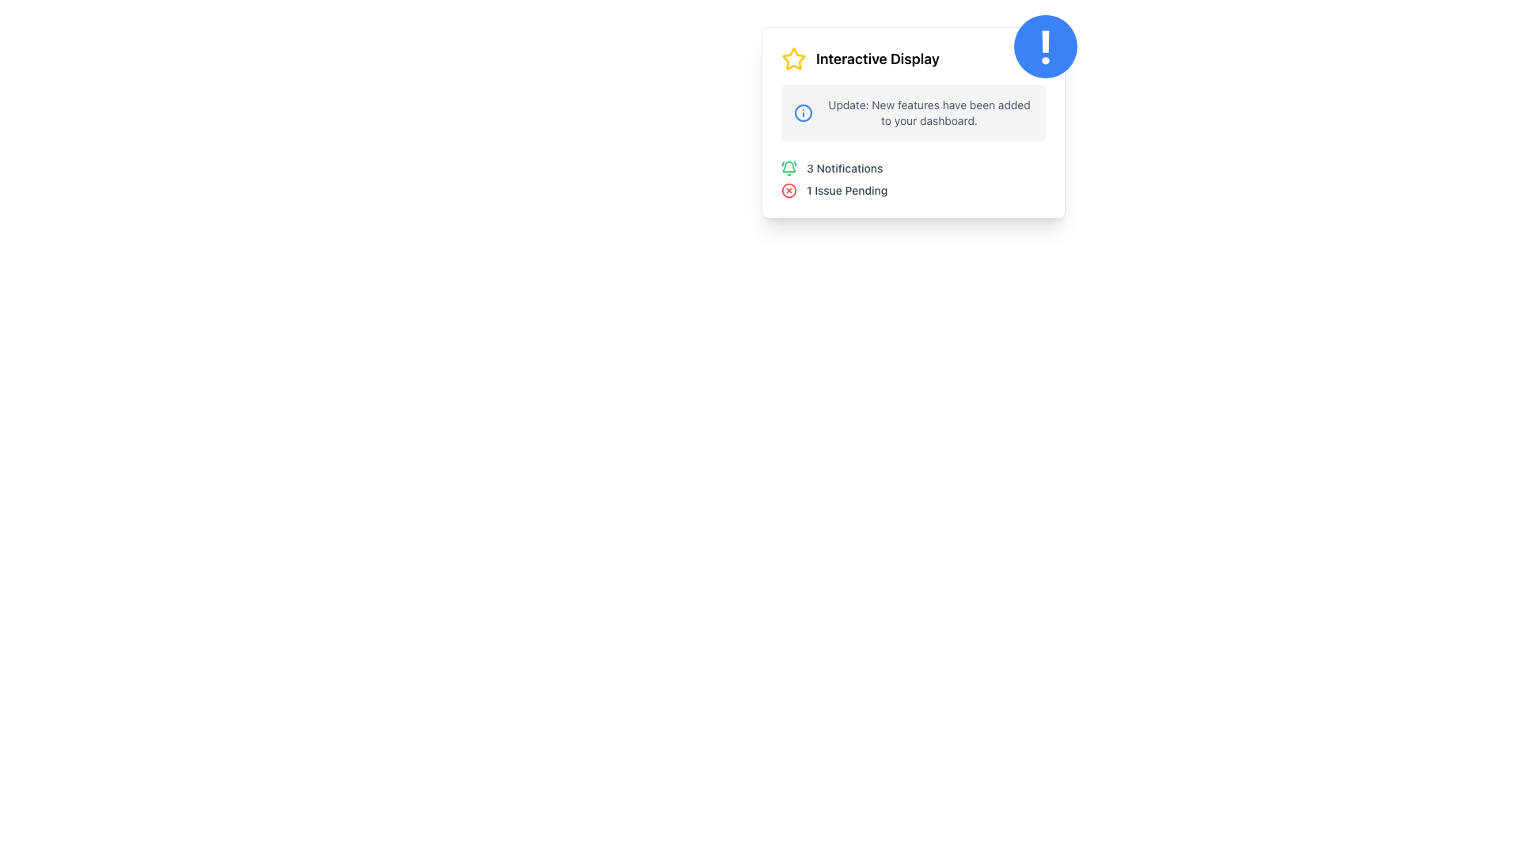 Image resolution: width=1520 pixels, height=855 pixels. I want to click on the text label displaying 'Interactive Display', which is bold and positioned next to a star icon at the top of a card-like interface, so click(876, 58).